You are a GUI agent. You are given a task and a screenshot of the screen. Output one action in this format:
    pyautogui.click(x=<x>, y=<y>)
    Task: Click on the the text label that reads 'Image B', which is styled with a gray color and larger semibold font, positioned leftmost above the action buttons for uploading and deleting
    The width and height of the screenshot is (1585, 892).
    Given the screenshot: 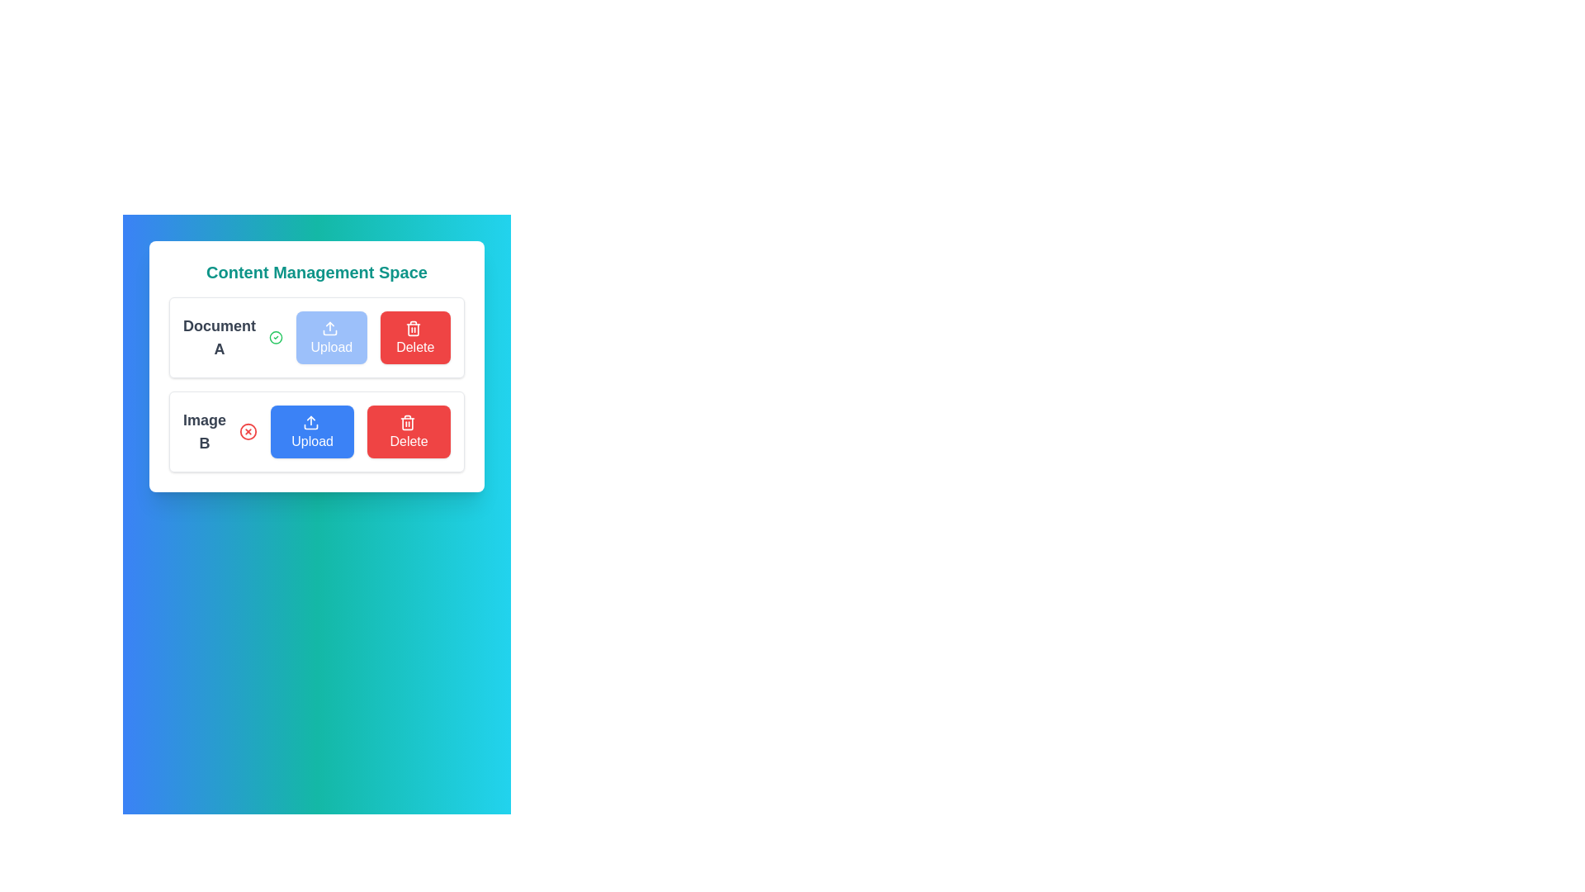 What is the action you would take?
    pyautogui.click(x=204, y=431)
    